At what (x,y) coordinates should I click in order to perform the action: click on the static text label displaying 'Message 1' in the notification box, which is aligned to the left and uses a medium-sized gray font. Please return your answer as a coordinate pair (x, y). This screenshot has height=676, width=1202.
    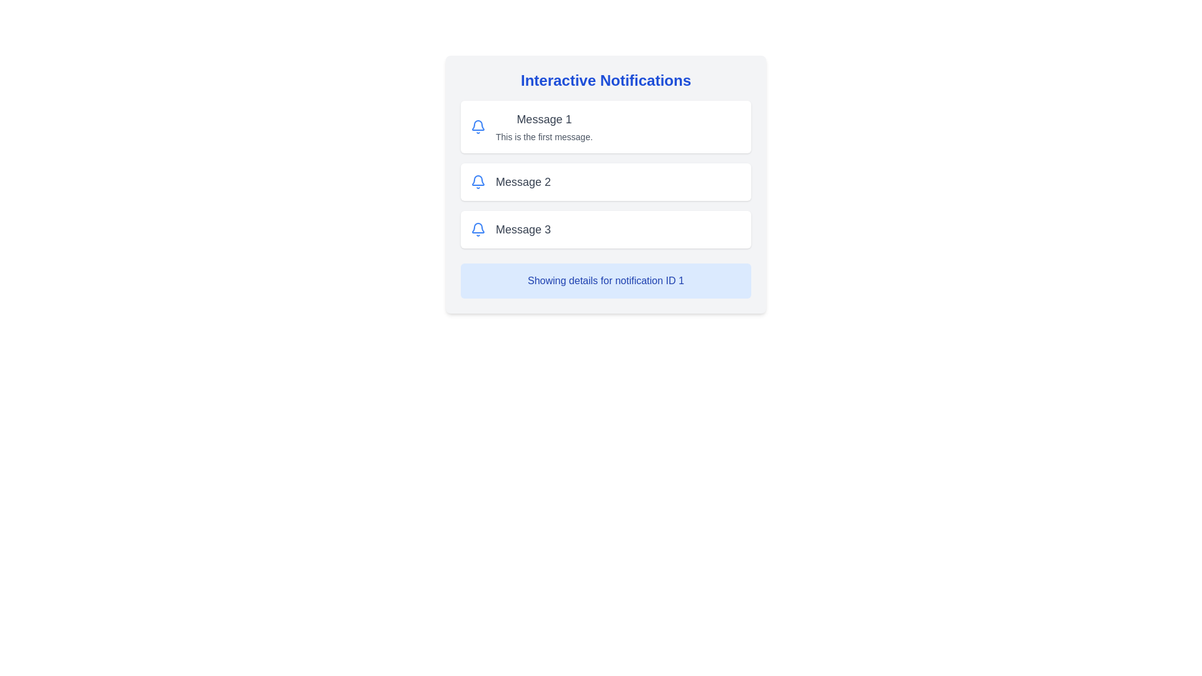
    Looking at the image, I should click on (544, 120).